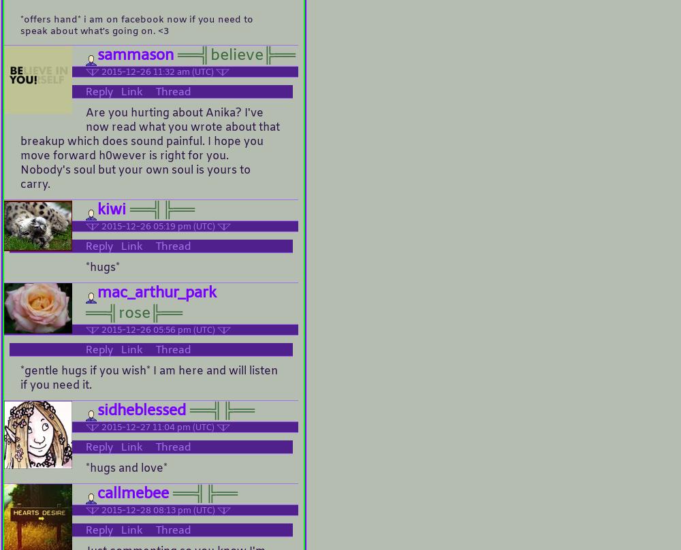  Describe the element at coordinates (132, 492) in the screenshot. I see `'callmebee'` at that location.